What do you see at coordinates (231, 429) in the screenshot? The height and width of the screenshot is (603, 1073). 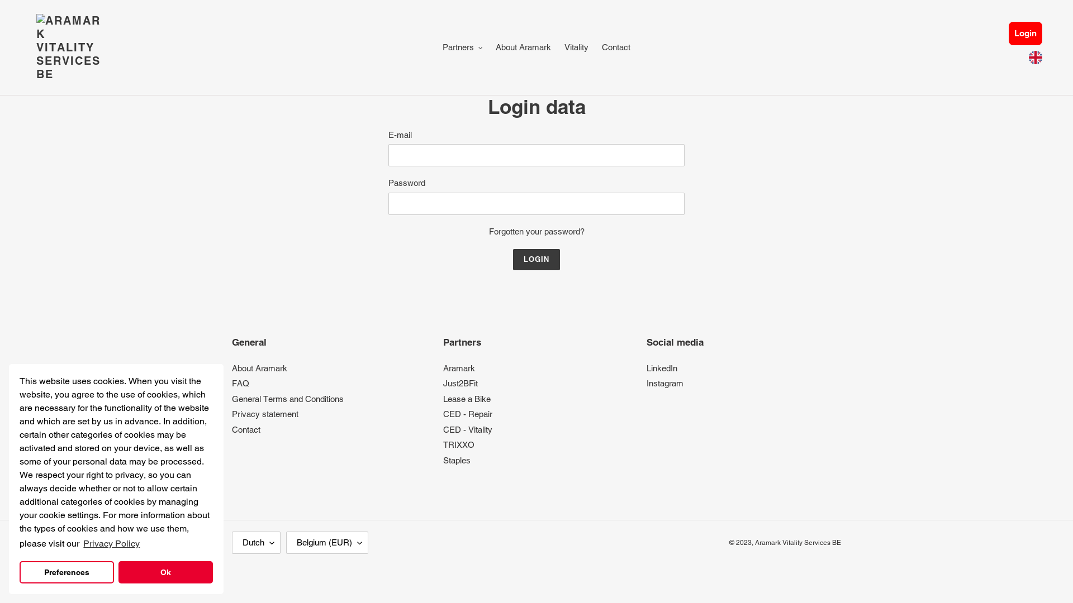 I see `'Contact'` at bounding box center [231, 429].